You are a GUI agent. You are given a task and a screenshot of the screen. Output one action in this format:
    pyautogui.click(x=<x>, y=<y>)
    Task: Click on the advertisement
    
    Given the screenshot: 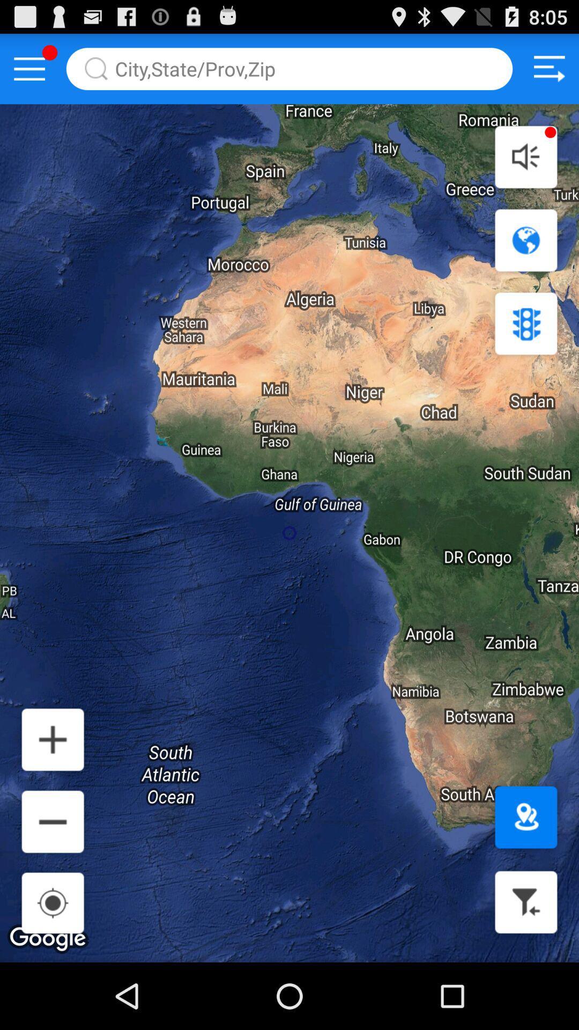 What is the action you would take?
    pyautogui.click(x=549, y=68)
    